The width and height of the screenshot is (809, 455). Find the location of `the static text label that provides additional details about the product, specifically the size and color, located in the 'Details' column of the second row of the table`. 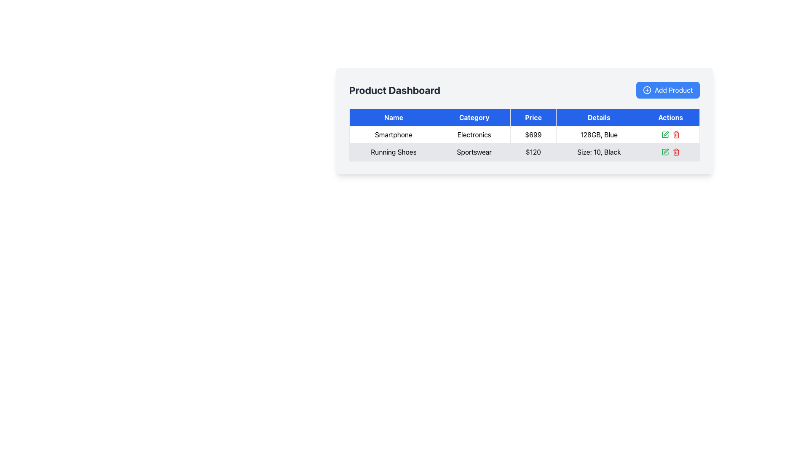

the static text label that provides additional details about the product, specifically the size and color, located in the 'Details' column of the second row of the table is located at coordinates (598, 152).